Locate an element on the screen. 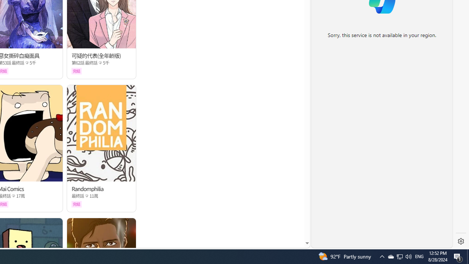  'Settings' is located at coordinates (461, 241).